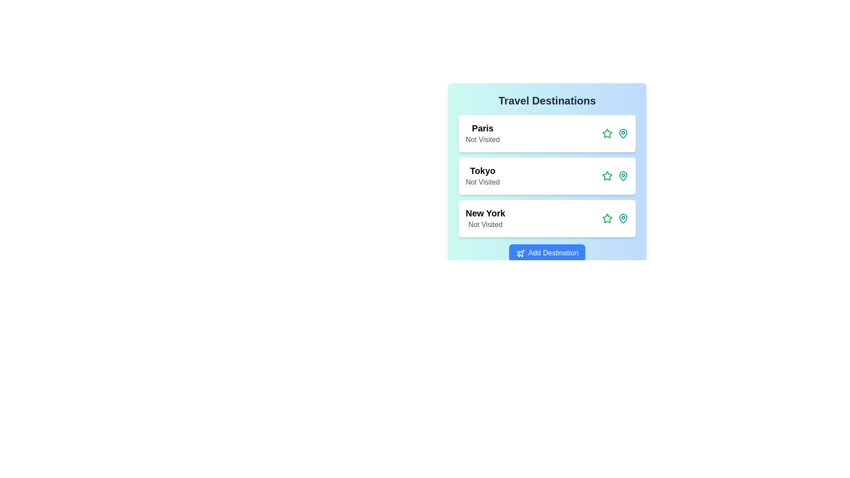 The width and height of the screenshot is (850, 478). I want to click on the destination item New York to observe its hover effect, so click(547, 218).